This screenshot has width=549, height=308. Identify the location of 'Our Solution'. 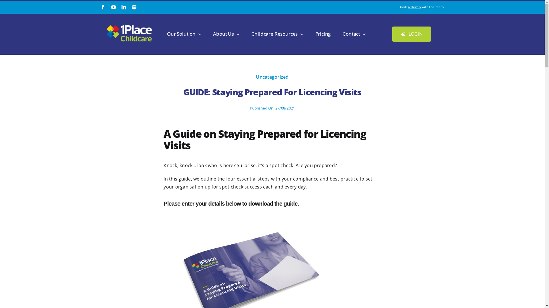
(184, 34).